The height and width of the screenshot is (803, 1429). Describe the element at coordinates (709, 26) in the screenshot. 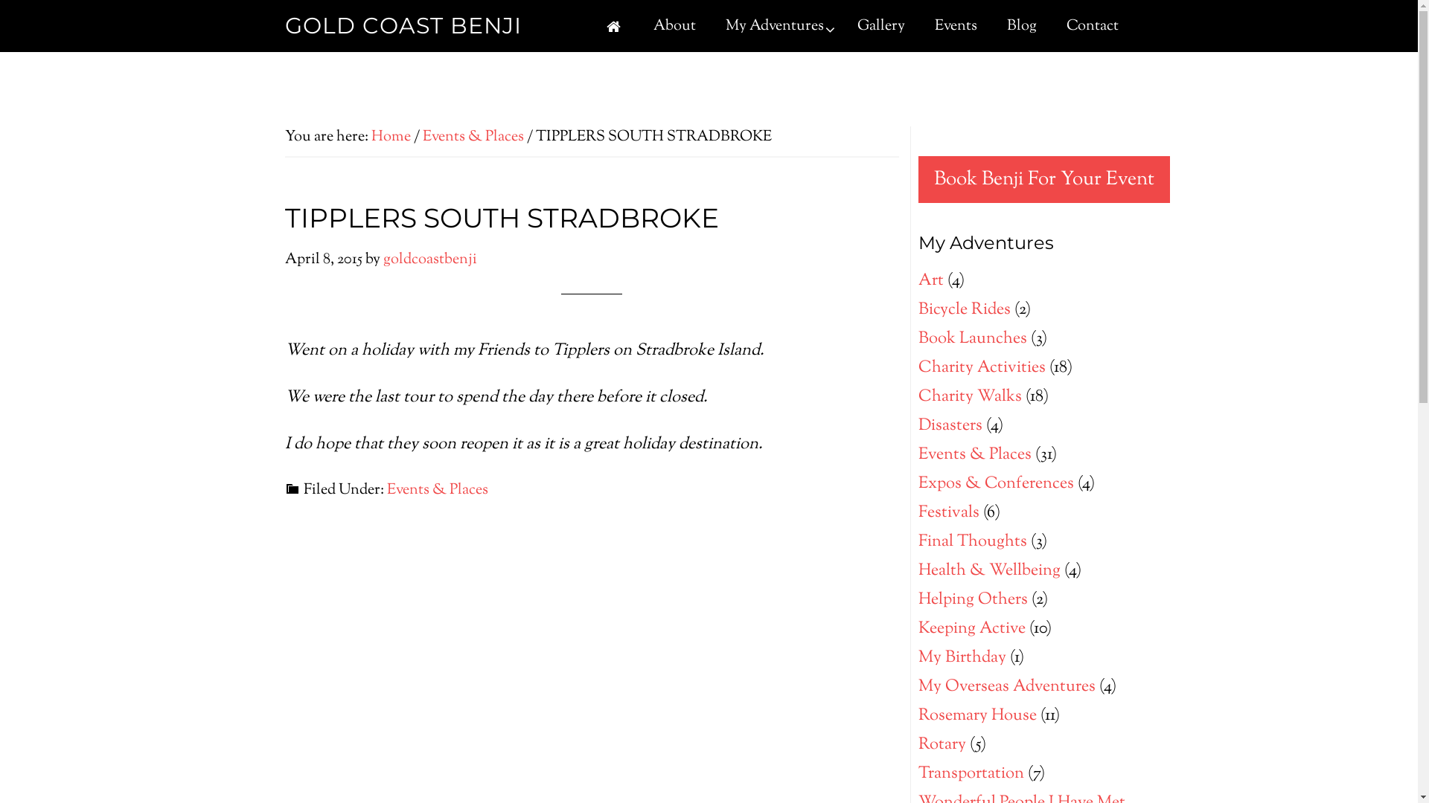

I see `'My Adventures'` at that location.